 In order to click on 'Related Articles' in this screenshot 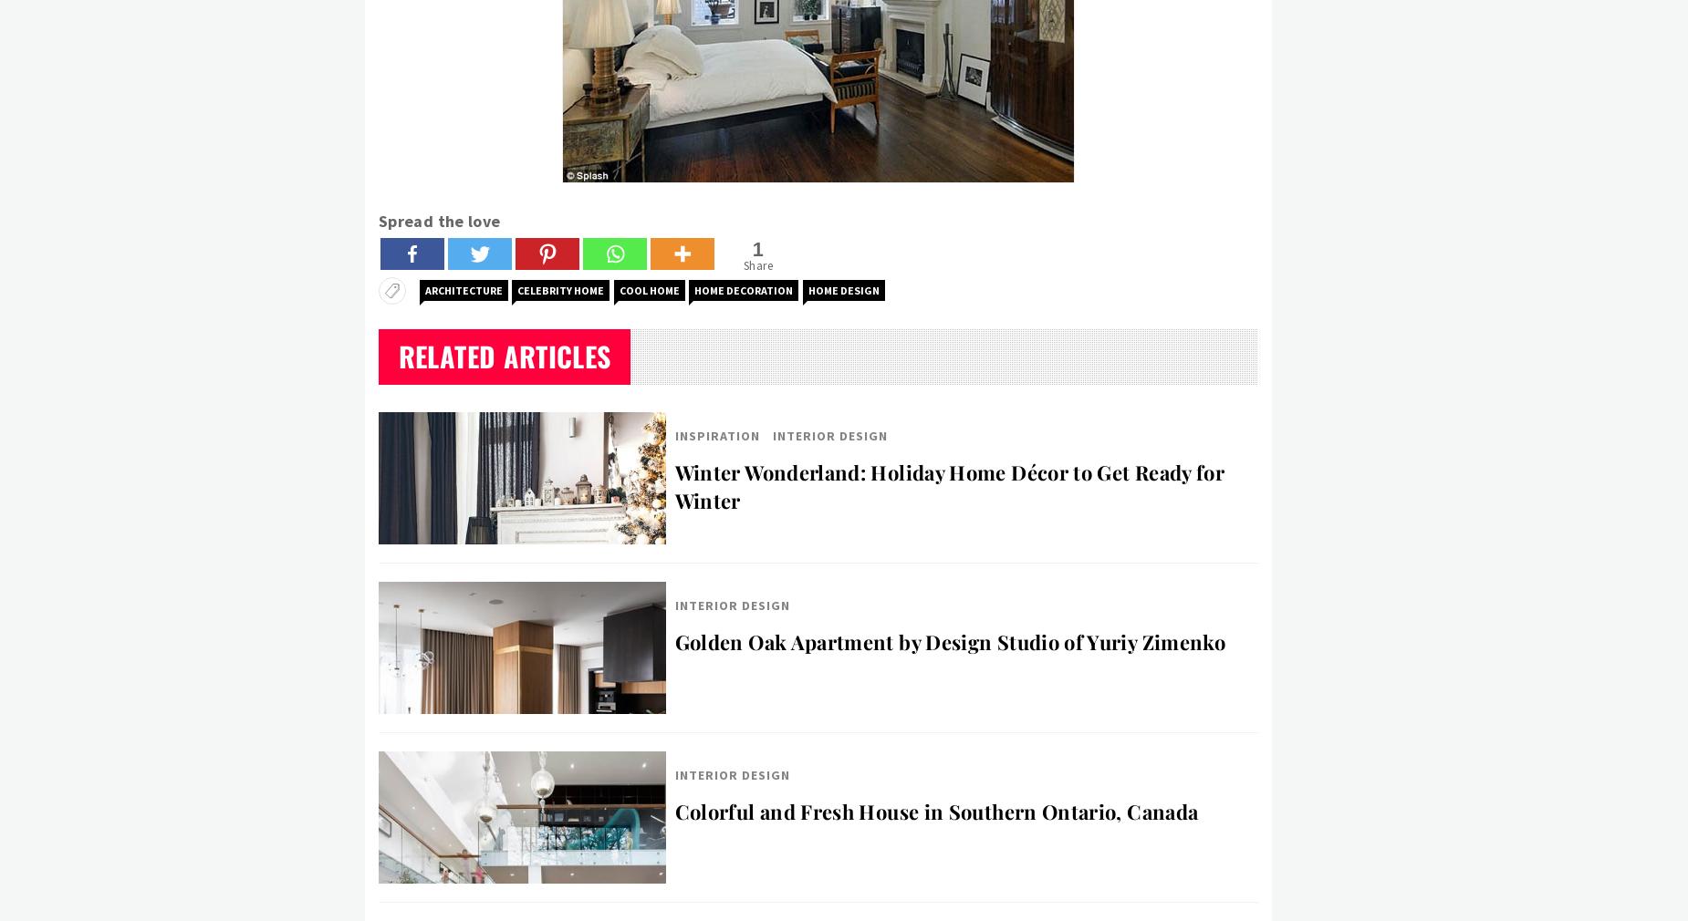, I will do `click(504, 356)`.